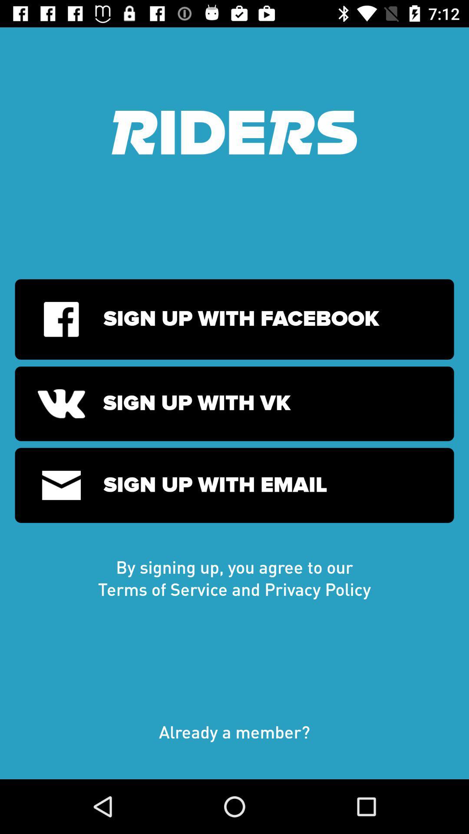  Describe the element at coordinates (234, 740) in the screenshot. I see `already a member? item` at that location.